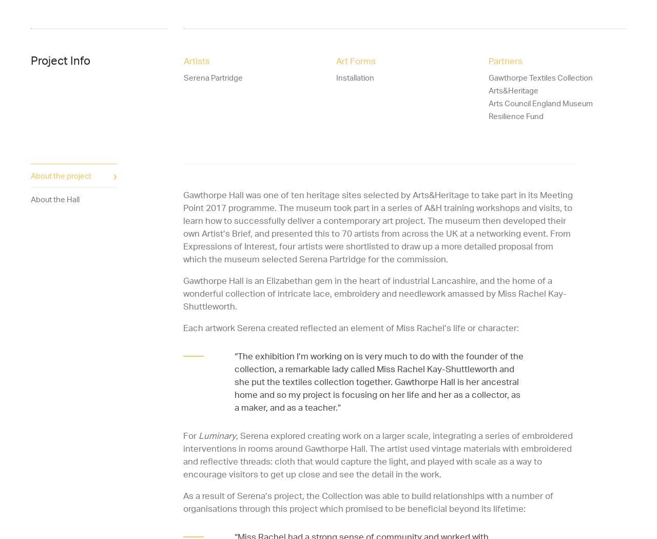 The width and height of the screenshot is (657, 539). I want to click on 'Artists', so click(183, 60).